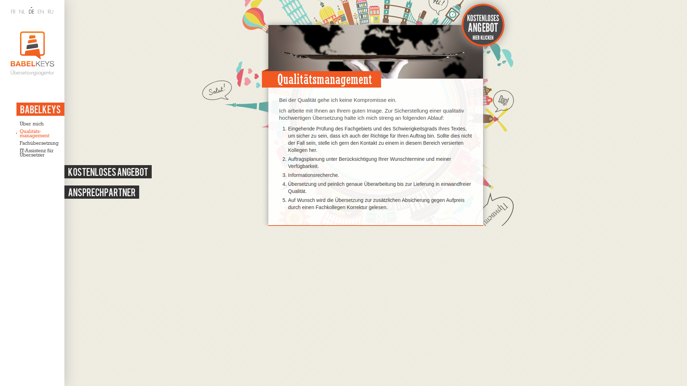 This screenshot has height=386, width=687. Describe the element at coordinates (40, 12) in the screenshot. I see `'EN'` at that location.